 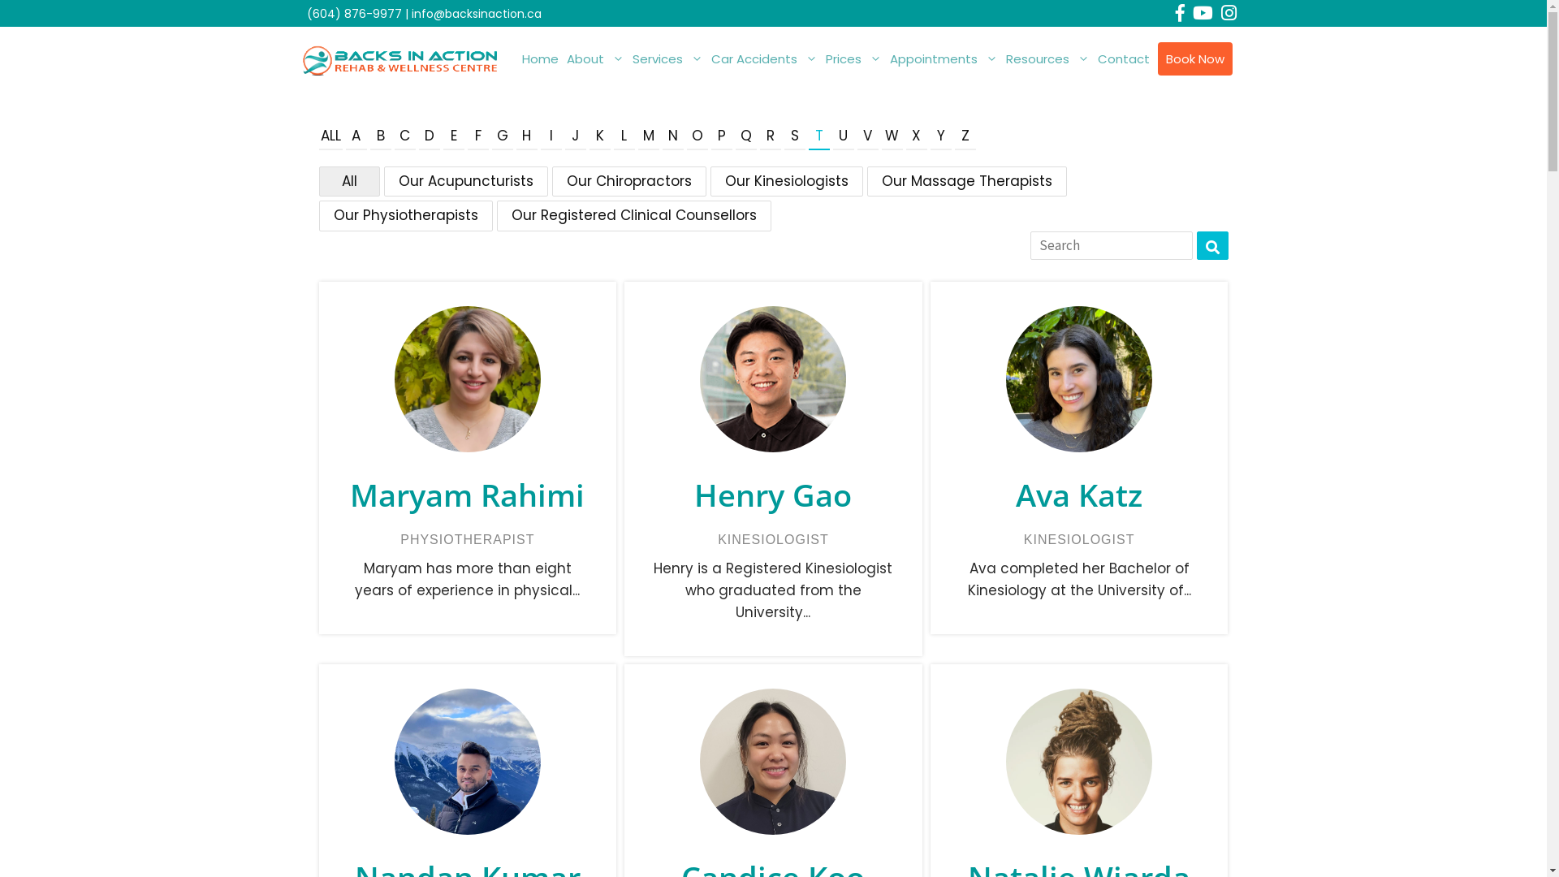 What do you see at coordinates (1092, 58) in the screenshot?
I see `'Contact'` at bounding box center [1092, 58].